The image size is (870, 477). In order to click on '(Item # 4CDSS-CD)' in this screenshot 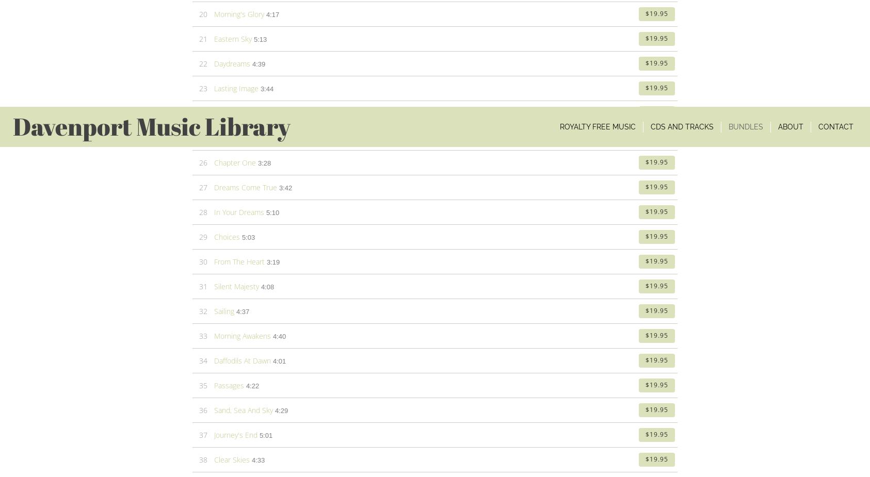, I will do `click(233, 176)`.